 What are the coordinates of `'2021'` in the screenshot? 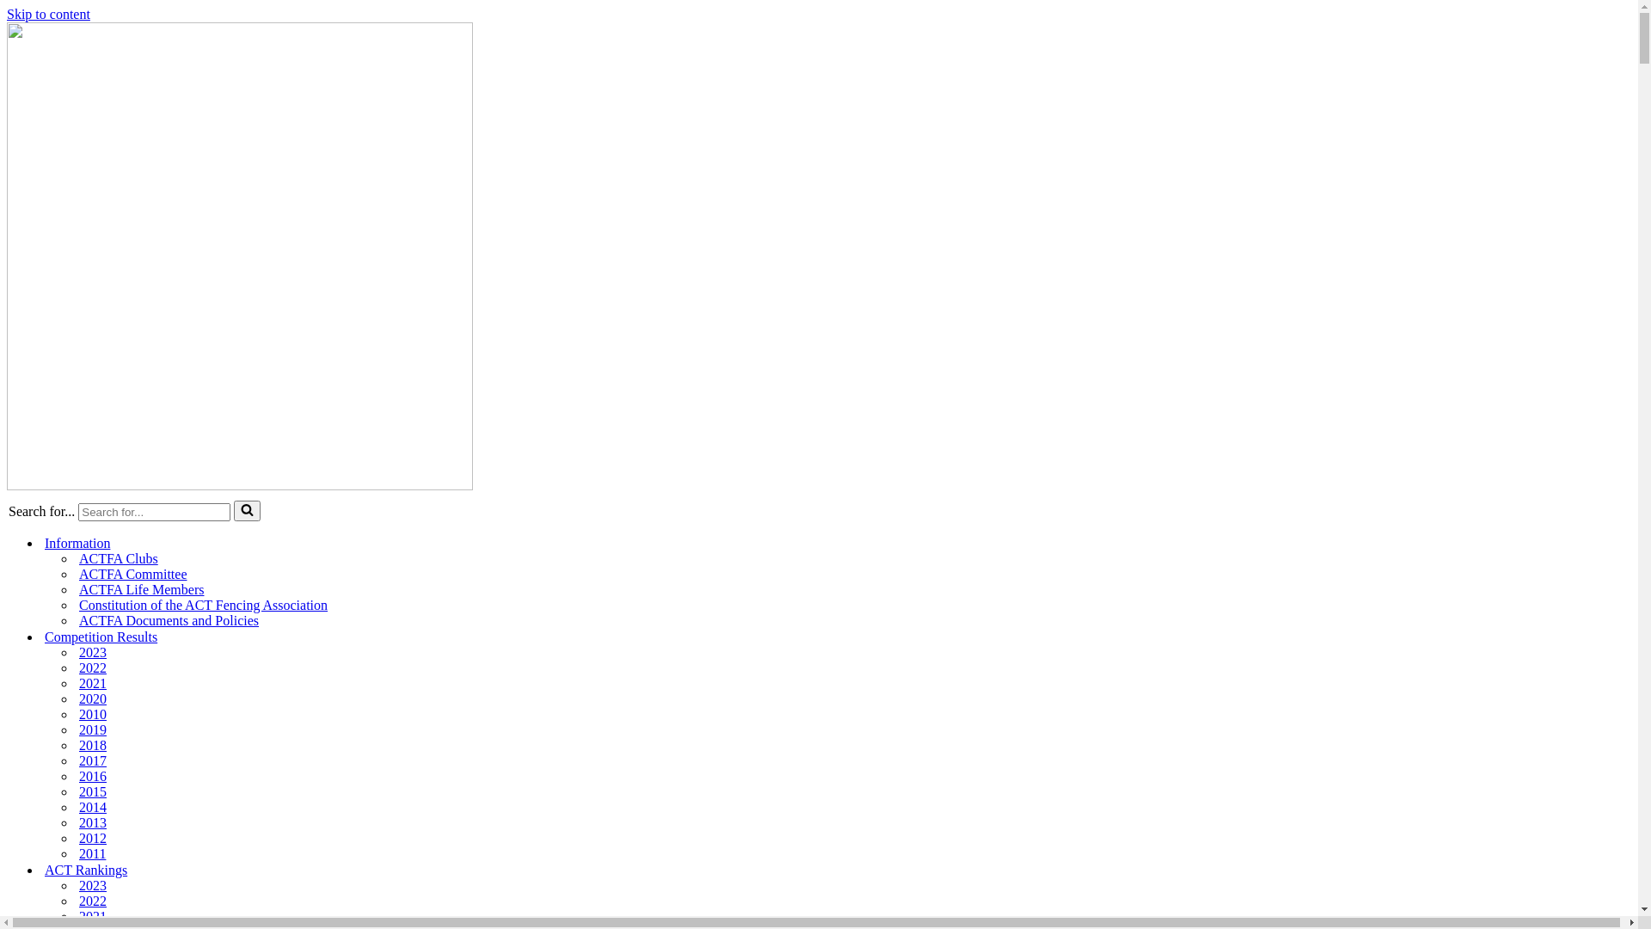 It's located at (77, 682).